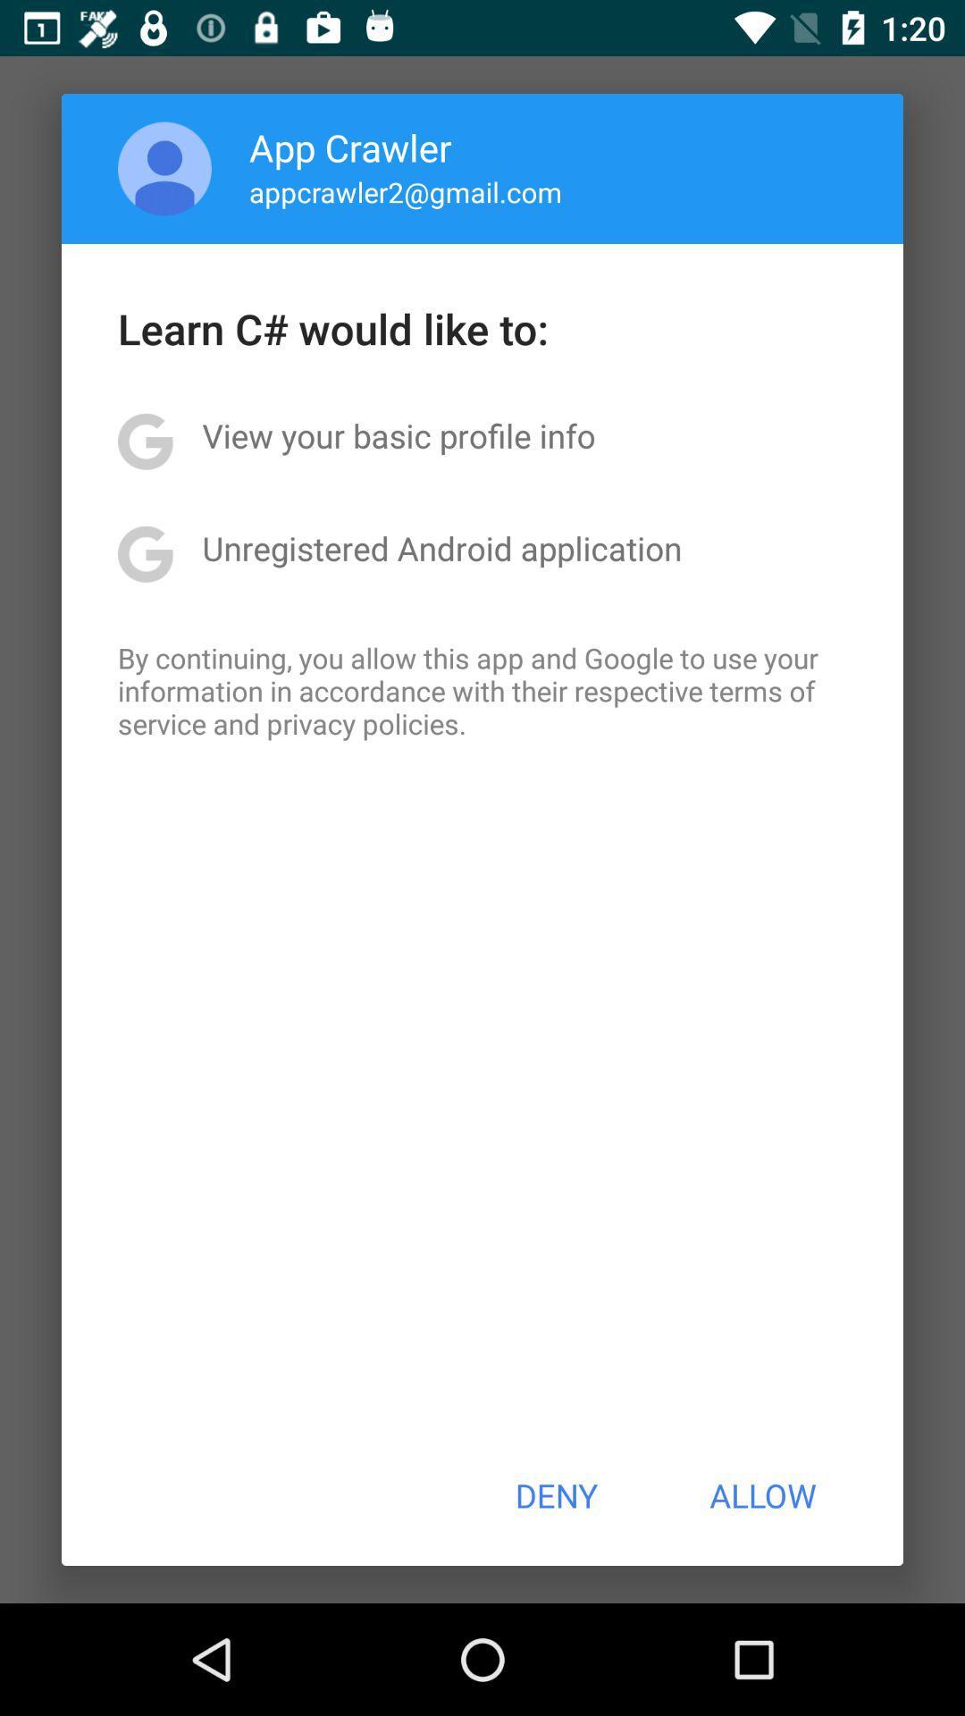 This screenshot has width=965, height=1716. Describe the element at coordinates (350, 147) in the screenshot. I see `app crawler item` at that location.